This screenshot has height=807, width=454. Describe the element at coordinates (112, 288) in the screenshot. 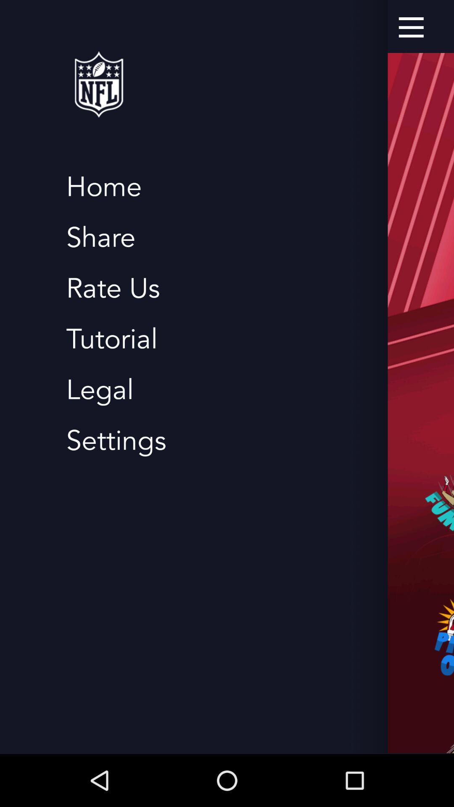

I see `rate us` at that location.